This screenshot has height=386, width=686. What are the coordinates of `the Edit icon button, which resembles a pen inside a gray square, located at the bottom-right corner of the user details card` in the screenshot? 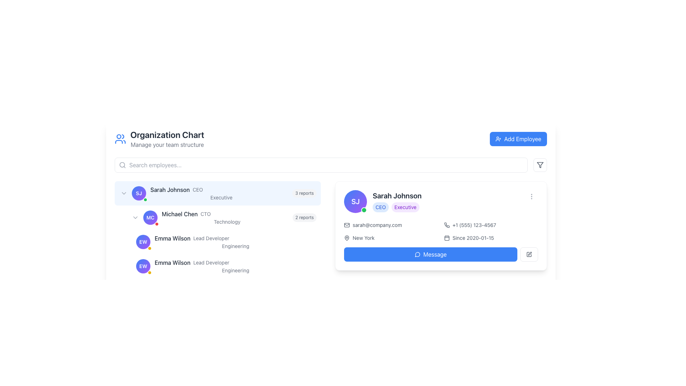 It's located at (529, 254).